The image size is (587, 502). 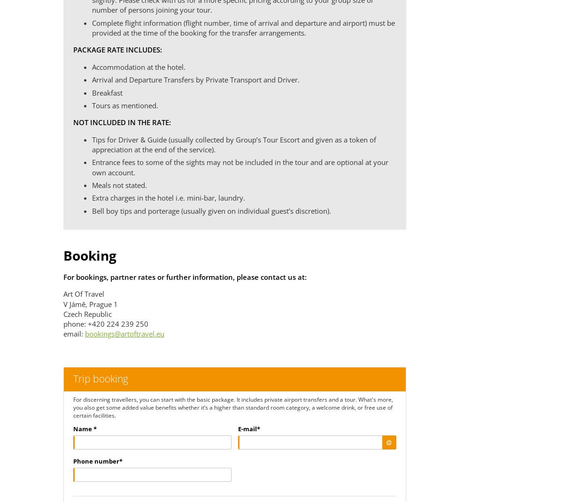 I want to click on 'Phone number*', so click(x=73, y=461).